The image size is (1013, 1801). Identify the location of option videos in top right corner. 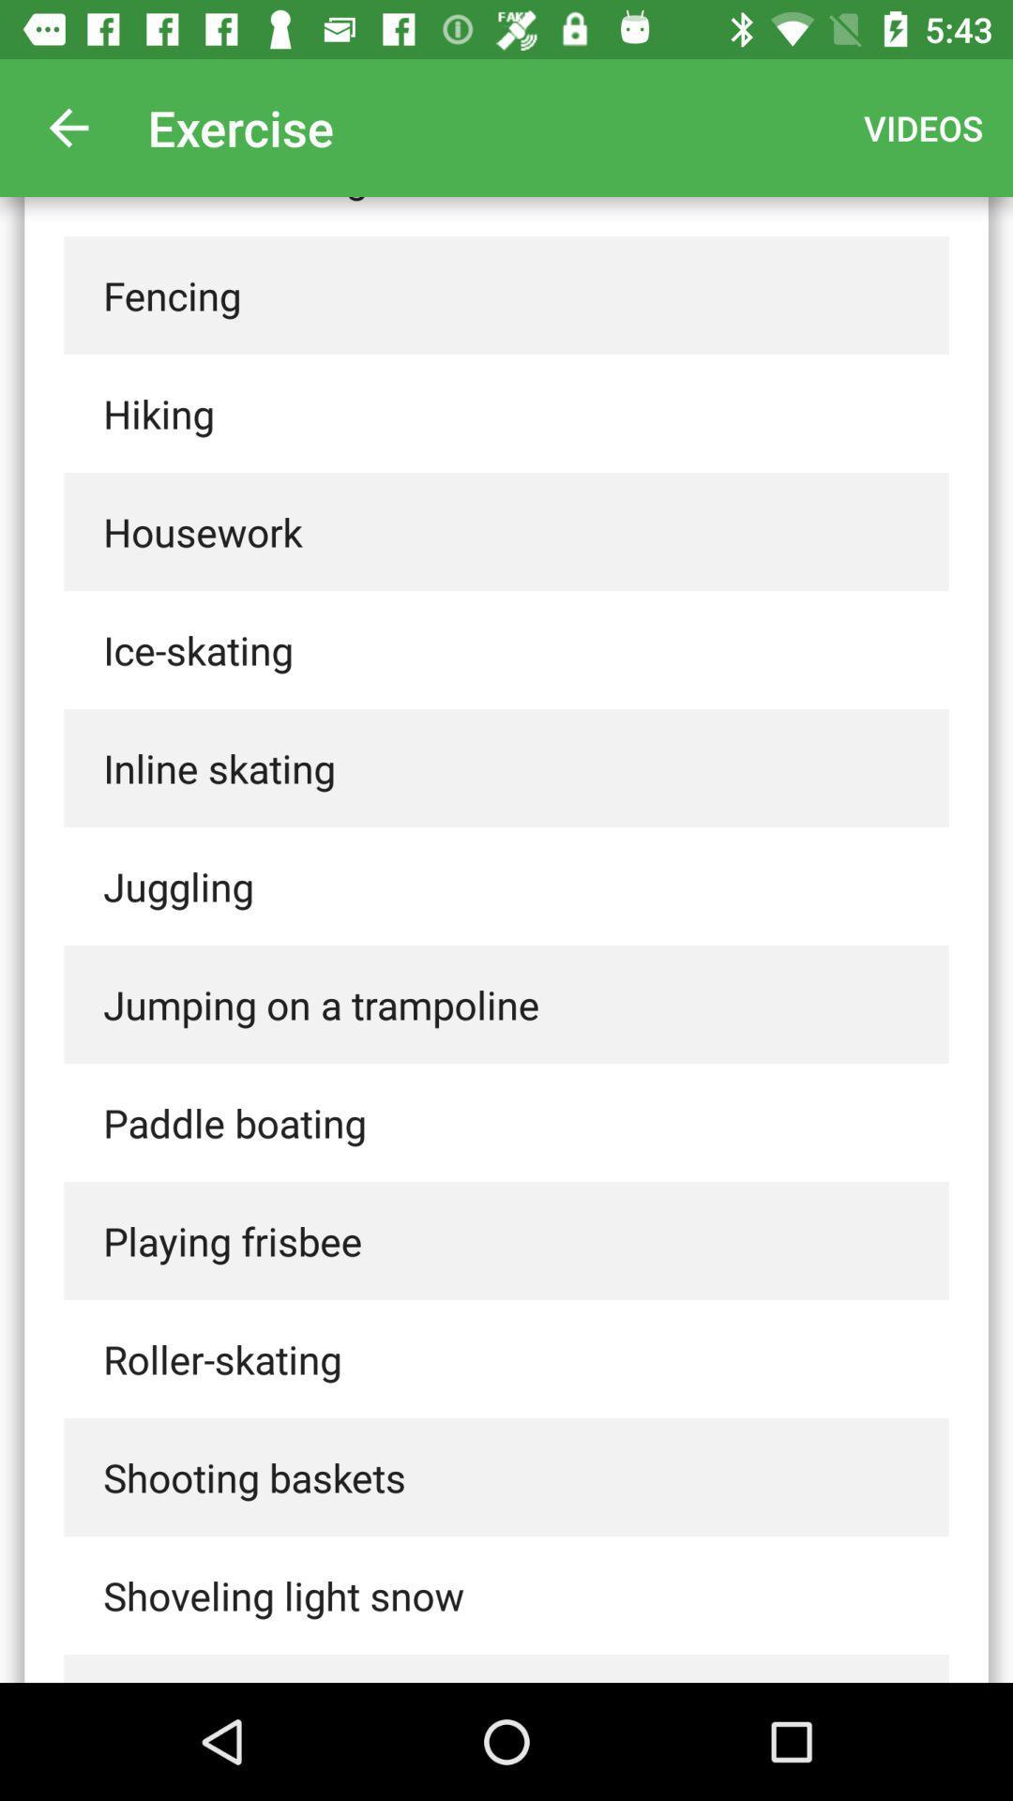
(922, 128).